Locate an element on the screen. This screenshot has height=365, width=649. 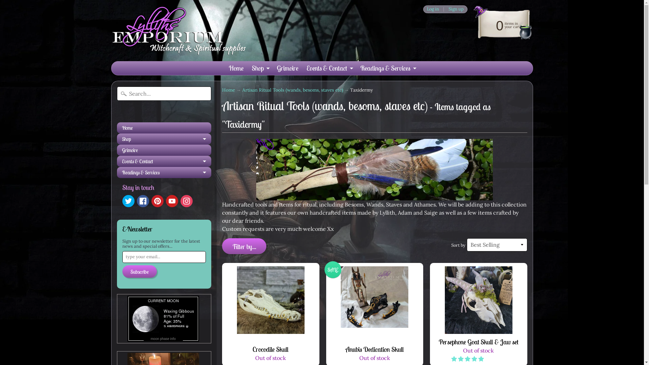
'Shop' is located at coordinates (164, 139).